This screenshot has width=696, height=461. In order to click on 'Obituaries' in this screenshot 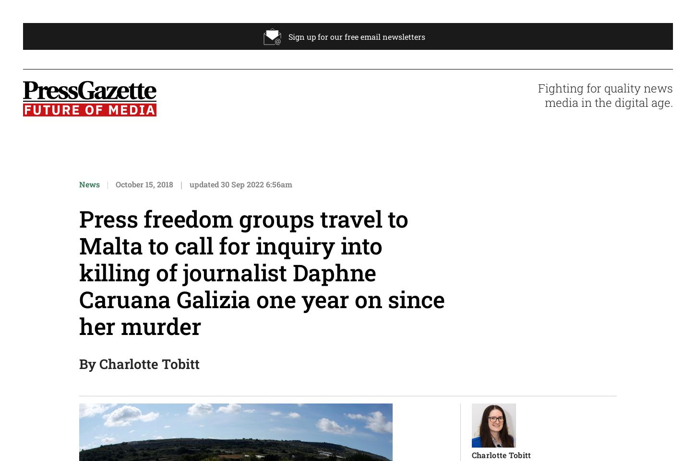, I will do `click(387, 312)`.